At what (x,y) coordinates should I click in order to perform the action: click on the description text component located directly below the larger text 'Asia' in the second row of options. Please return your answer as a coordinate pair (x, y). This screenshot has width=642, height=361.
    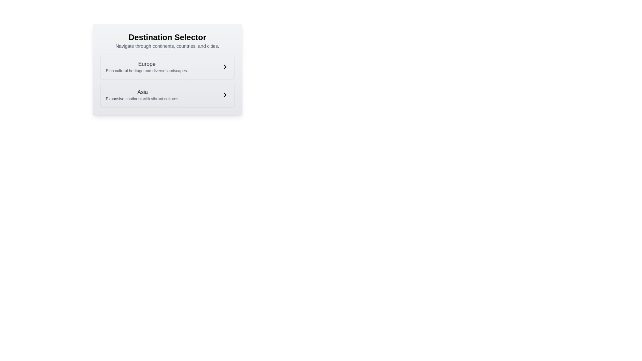
    Looking at the image, I should click on (142, 99).